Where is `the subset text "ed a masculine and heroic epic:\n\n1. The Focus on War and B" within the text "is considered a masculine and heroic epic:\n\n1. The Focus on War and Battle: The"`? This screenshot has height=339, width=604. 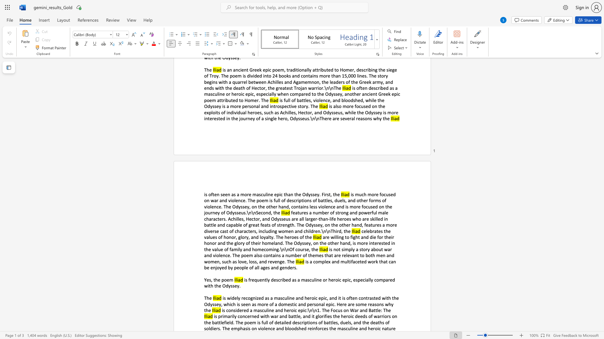 the subset text "ed a masculine and heroic epic:\n\n1. The Focus on War and B" within the text "is considered a masculine and heroic epic:\n\n1. The Focus on War and Battle: The" is located at coordinates (243, 310).